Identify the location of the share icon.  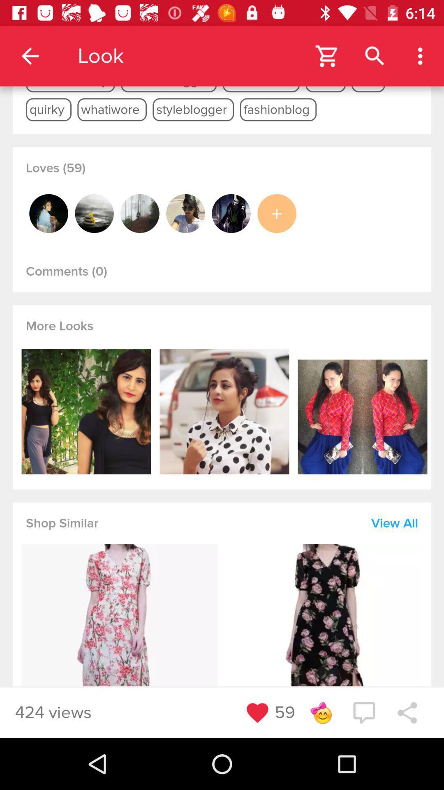
(407, 712).